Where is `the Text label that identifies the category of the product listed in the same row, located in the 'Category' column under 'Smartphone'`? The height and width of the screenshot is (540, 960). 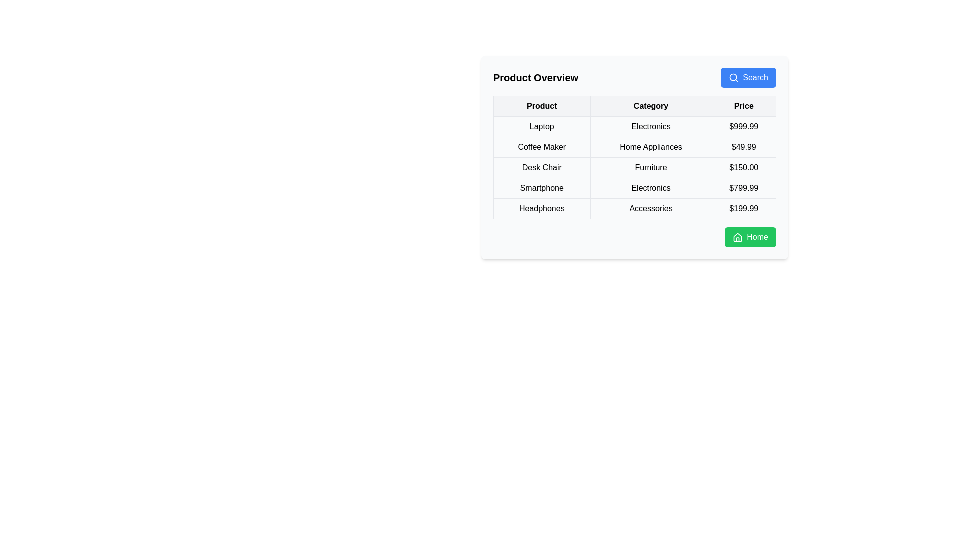
the Text label that identifies the category of the product listed in the same row, located in the 'Category' column under 'Smartphone' is located at coordinates (651, 188).